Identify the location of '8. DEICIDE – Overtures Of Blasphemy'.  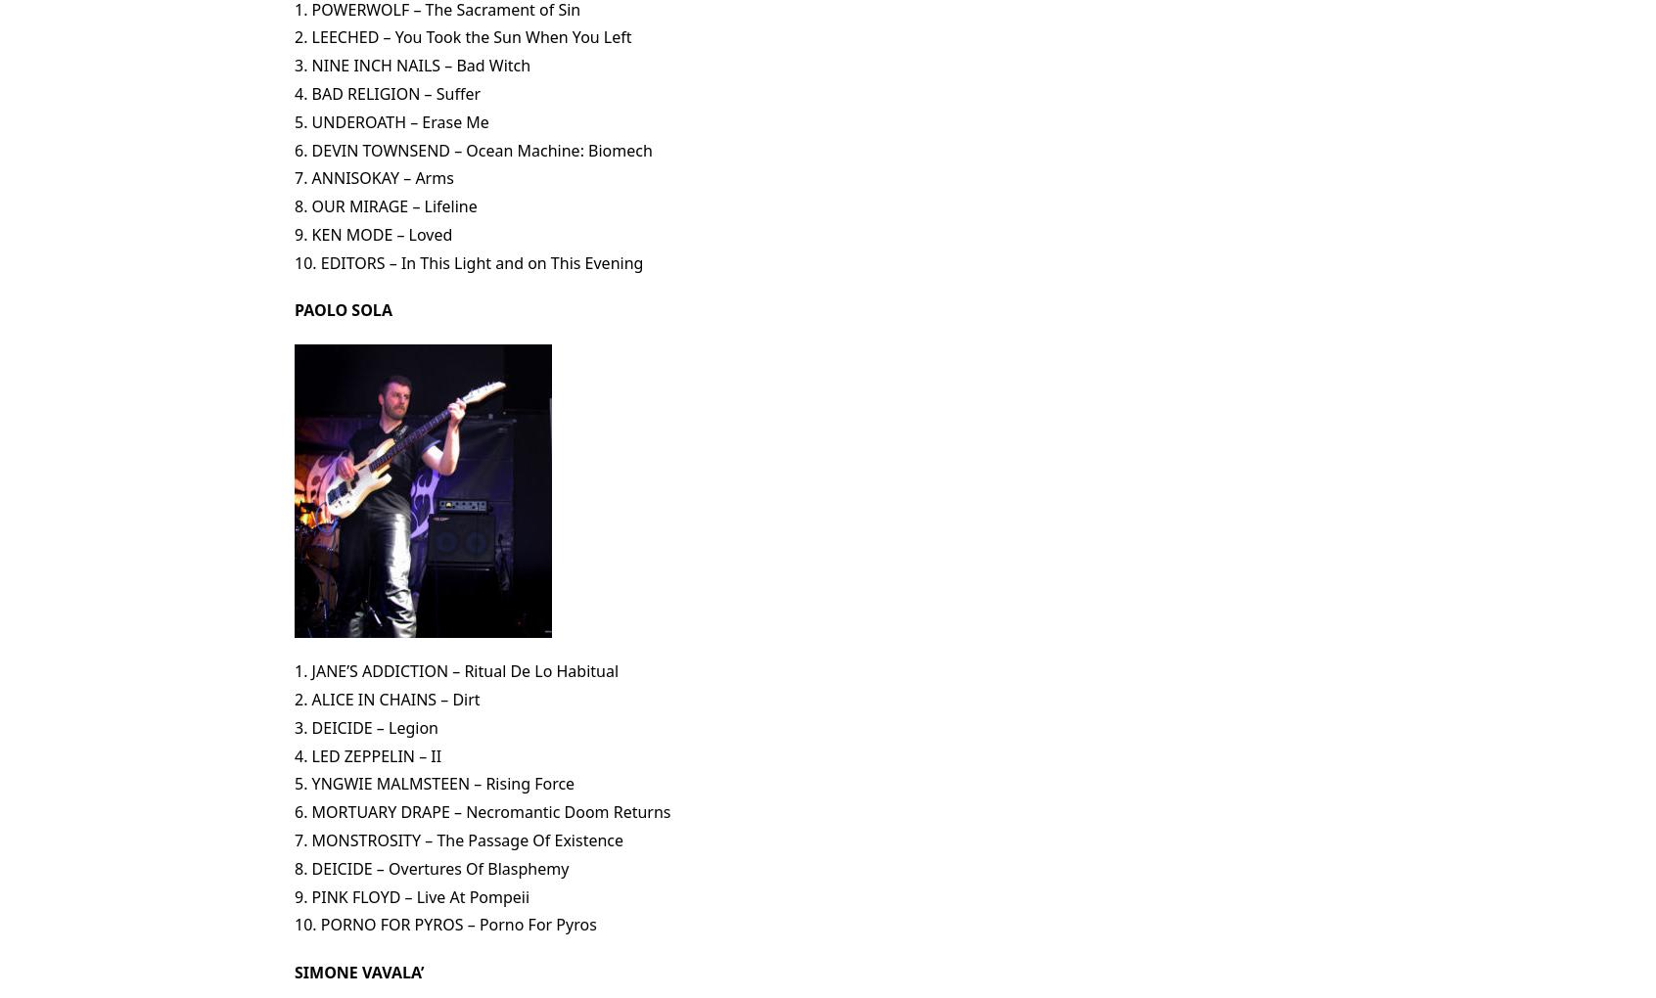
(430, 866).